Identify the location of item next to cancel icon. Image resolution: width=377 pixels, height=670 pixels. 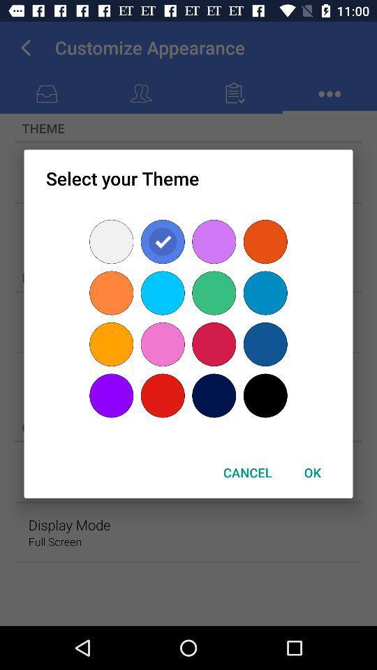
(312, 472).